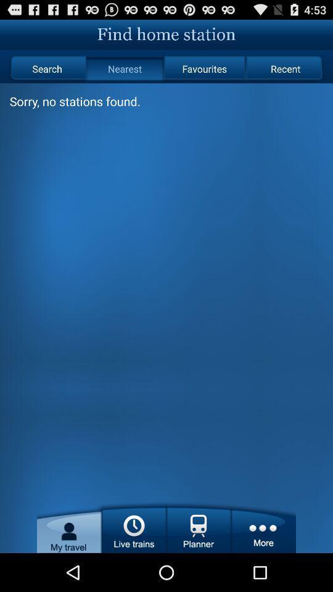  I want to click on the more icon, so click(263, 564).